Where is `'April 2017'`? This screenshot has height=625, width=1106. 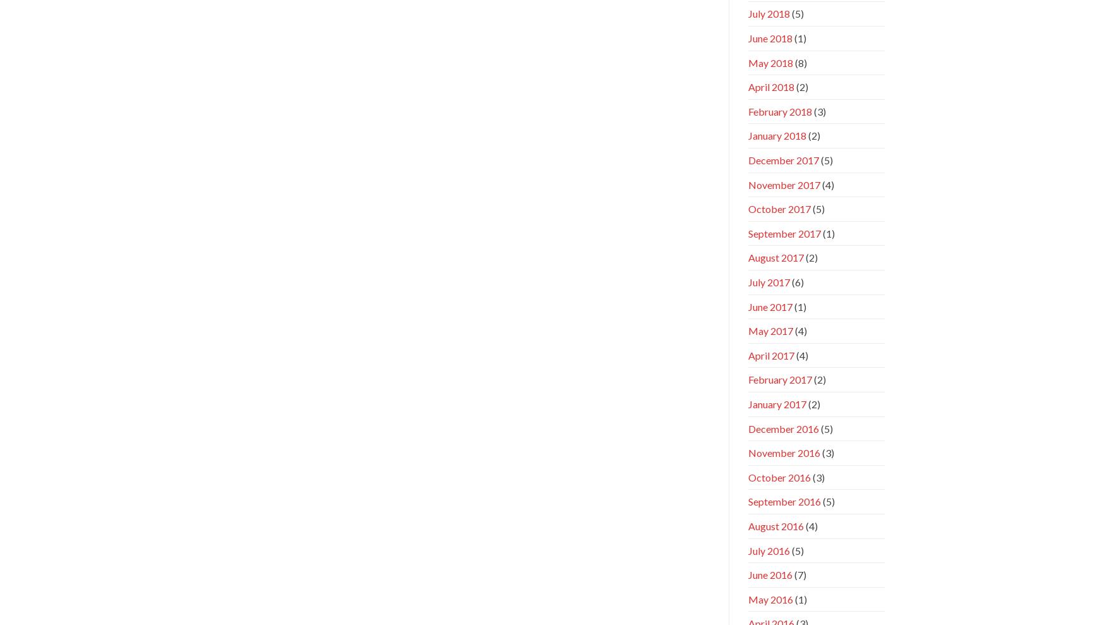 'April 2017' is located at coordinates (747, 354).